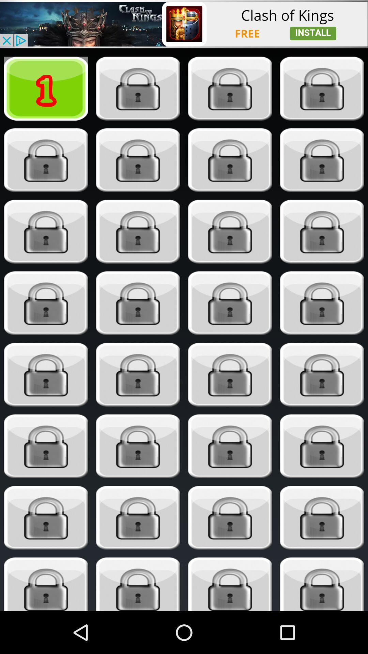  I want to click on open locked app, so click(322, 232).